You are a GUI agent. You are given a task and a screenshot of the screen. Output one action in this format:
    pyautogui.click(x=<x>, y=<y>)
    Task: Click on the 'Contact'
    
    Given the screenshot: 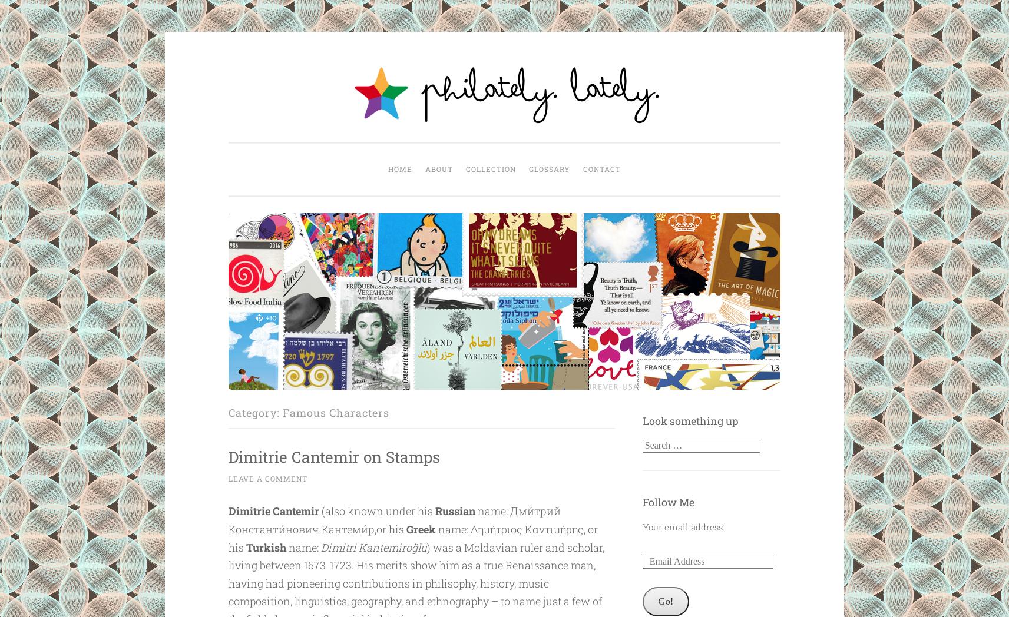 What is the action you would take?
    pyautogui.click(x=601, y=168)
    